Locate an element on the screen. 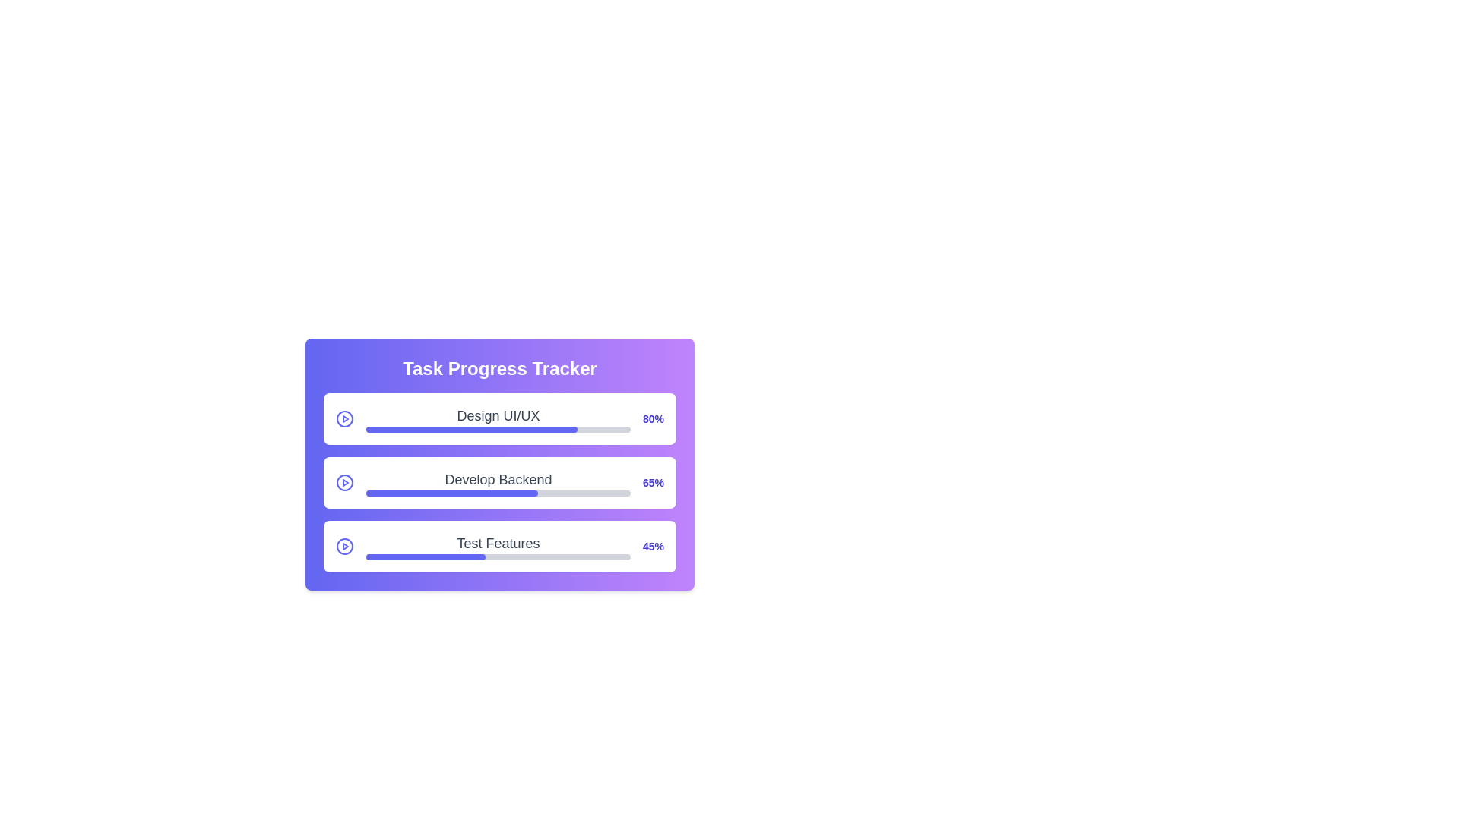  the visual progress of the 'Develop Backend' task represented by the progress indicator at 65% completion is located at coordinates (451, 494).